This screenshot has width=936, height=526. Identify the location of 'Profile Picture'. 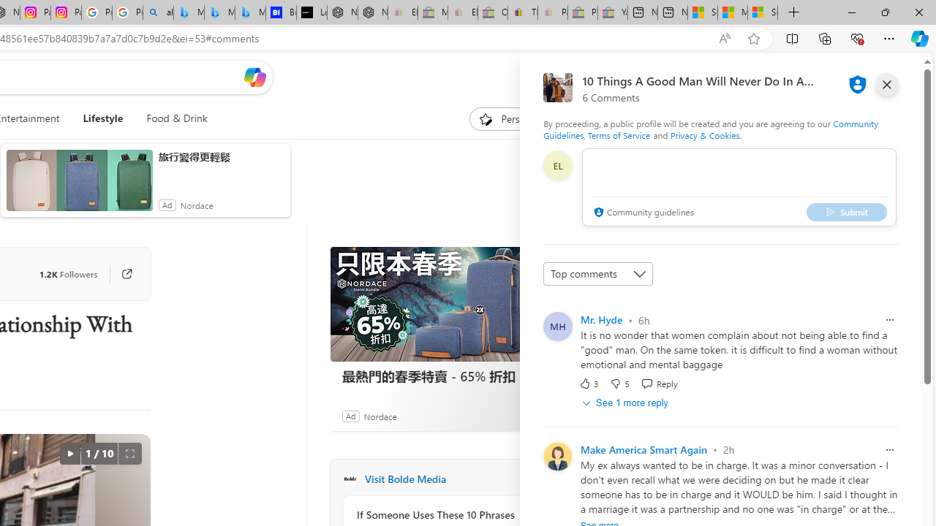
(556, 455).